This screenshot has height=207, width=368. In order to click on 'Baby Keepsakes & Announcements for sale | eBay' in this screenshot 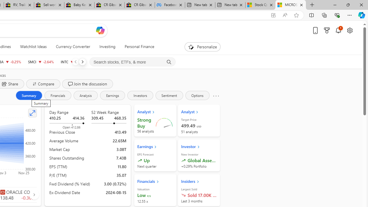, I will do `click(79, 5)`.